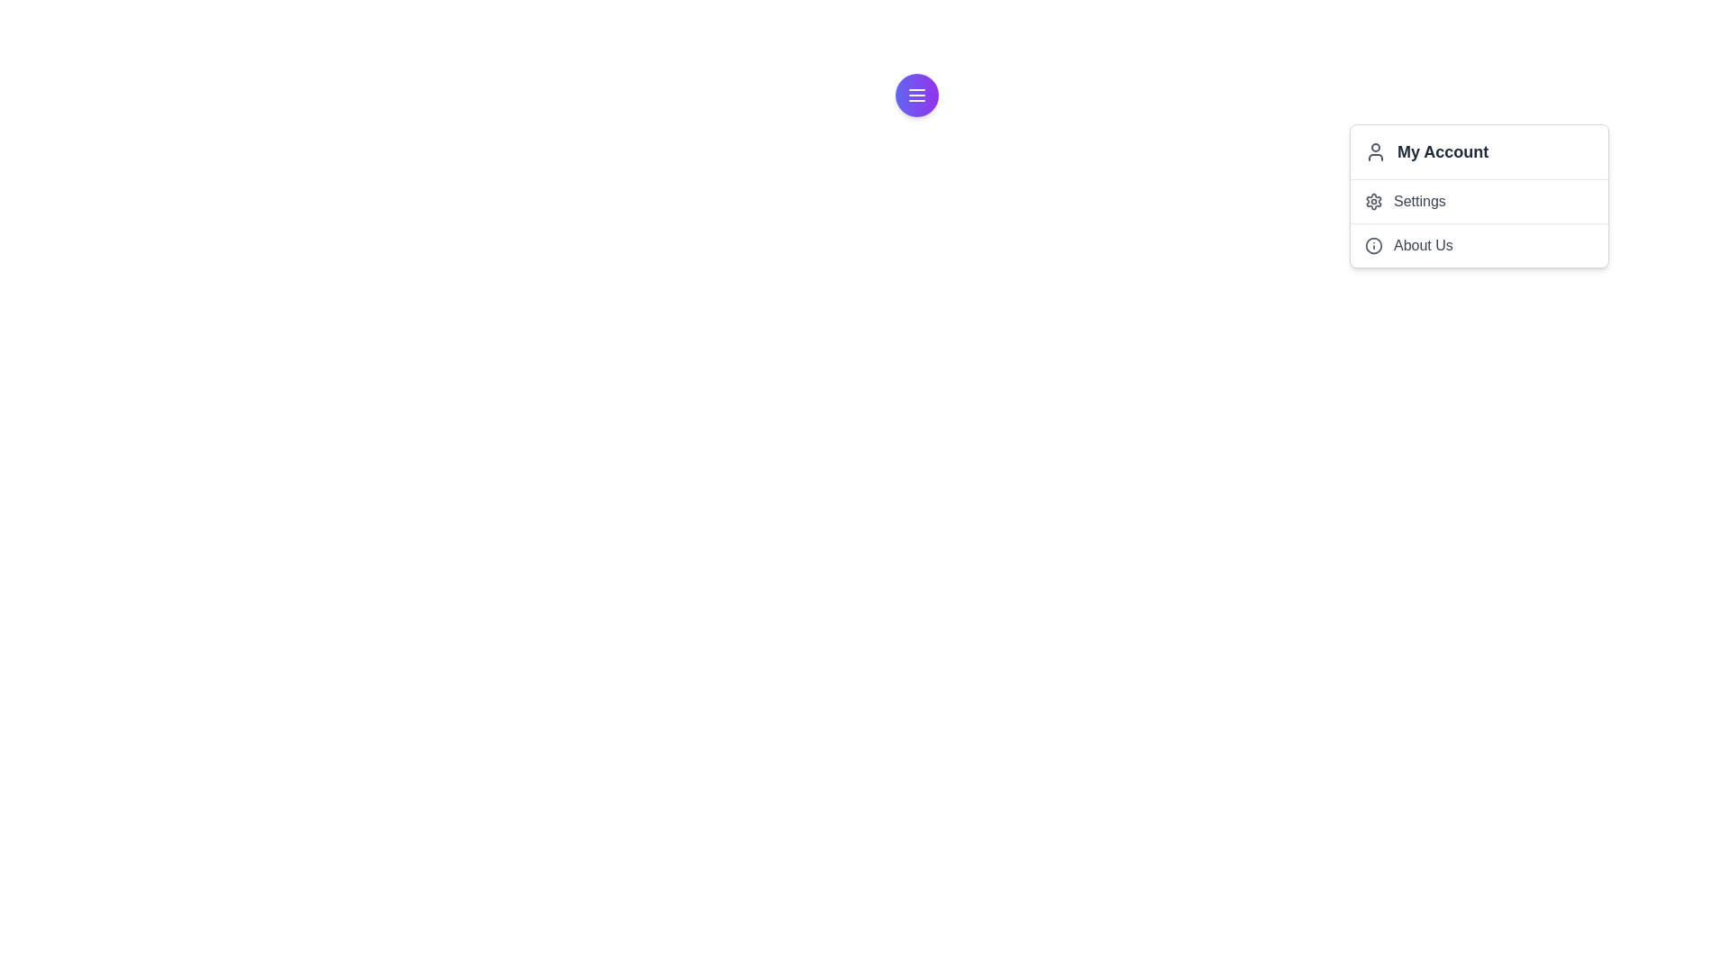 This screenshot has width=1730, height=973. What do you see at coordinates (1479, 222) in the screenshot?
I see `the 'Settings' or 'About Us' option in the dropdown menu labeled 'My Account'` at bounding box center [1479, 222].